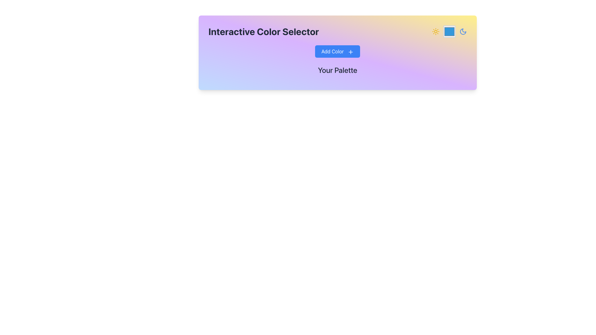  Describe the element at coordinates (350, 51) in the screenshot. I see `the small plus sign icon located to the immediate right of the 'Add Color' button text, which is centrally positioned within the button` at that location.